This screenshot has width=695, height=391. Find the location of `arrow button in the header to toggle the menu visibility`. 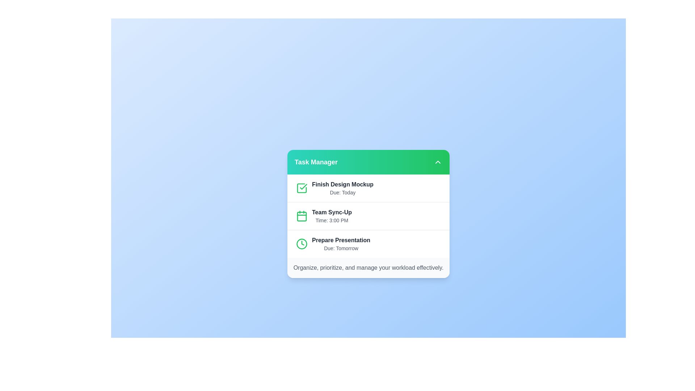

arrow button in the header to toggle the menu visibility is located at coordinates (437, 161).